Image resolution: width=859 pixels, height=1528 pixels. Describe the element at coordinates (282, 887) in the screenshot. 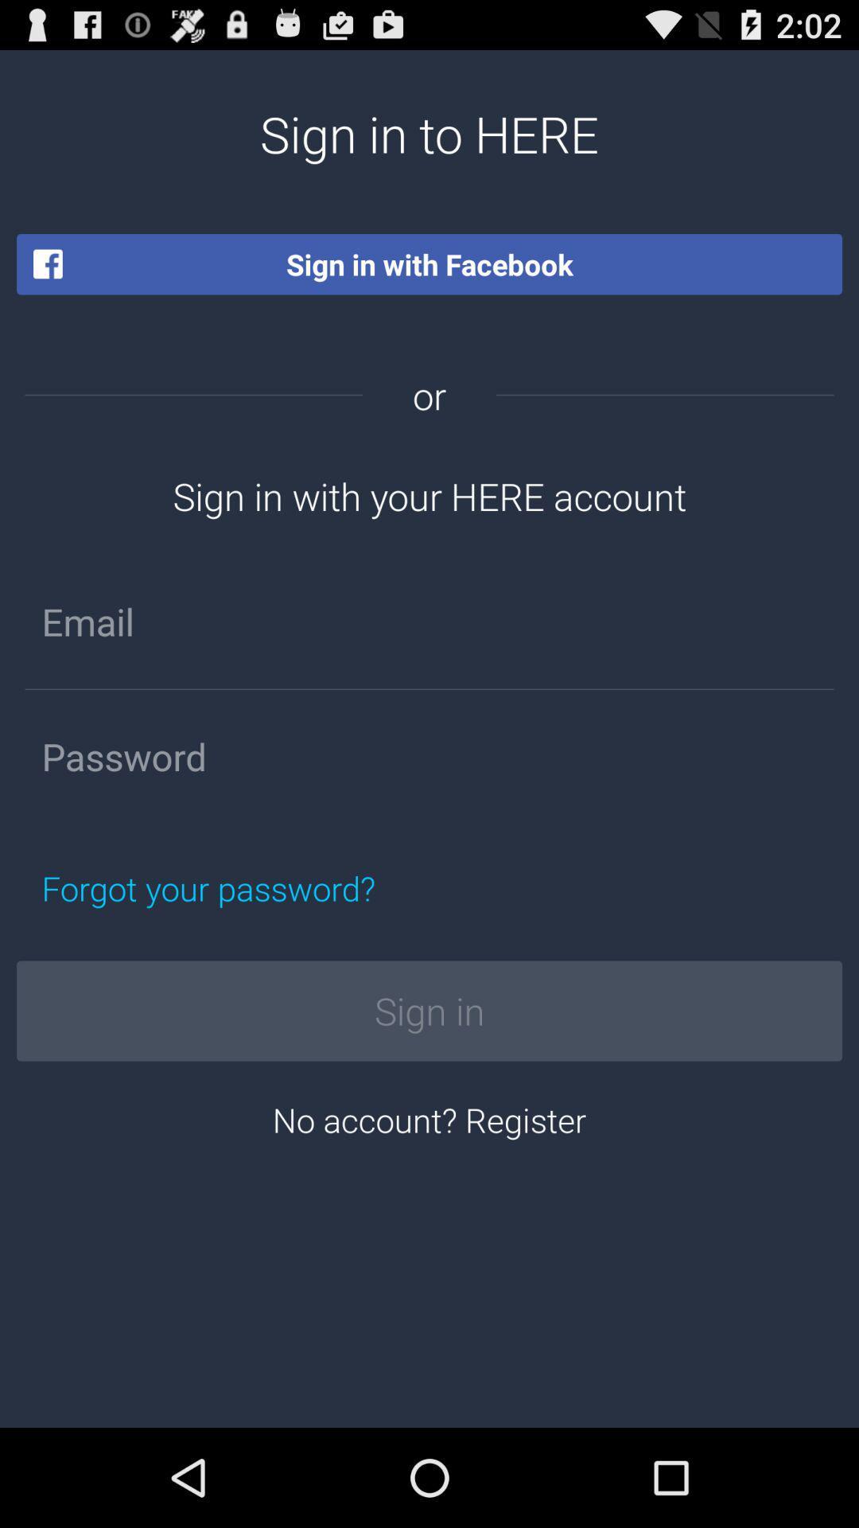

I see `forgot your password? item` at that location.